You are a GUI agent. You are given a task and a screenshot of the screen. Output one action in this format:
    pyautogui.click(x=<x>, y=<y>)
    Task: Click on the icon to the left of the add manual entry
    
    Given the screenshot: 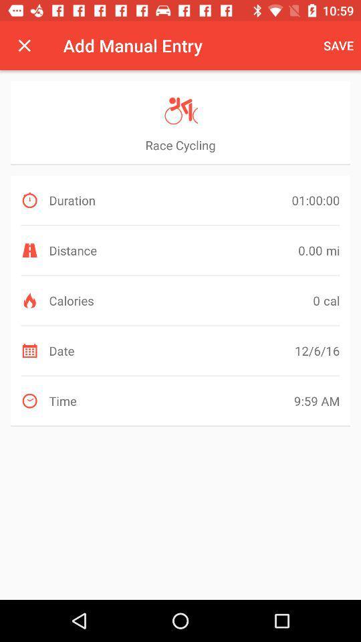 What is the action you would take?
    pyautogui.click(x=24, y=45)
    